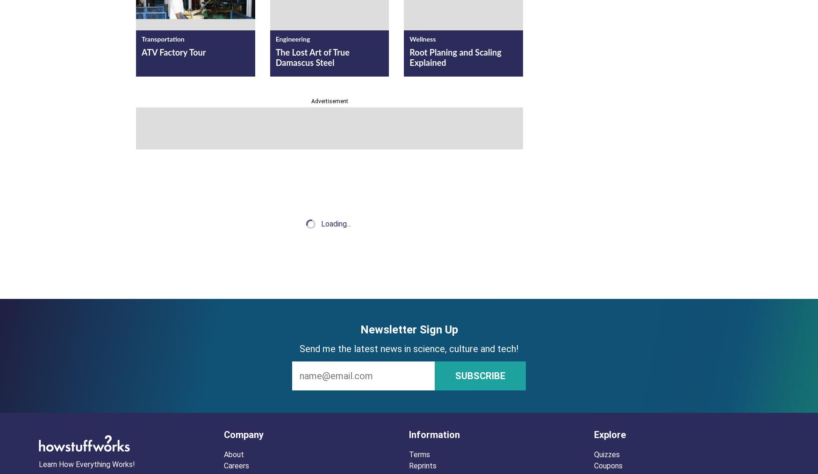 The width and height of the screenshot is (818, 474). Describe the element at coordinates (292, 39) in the screenshot. I see `'Engineering'` at that location.